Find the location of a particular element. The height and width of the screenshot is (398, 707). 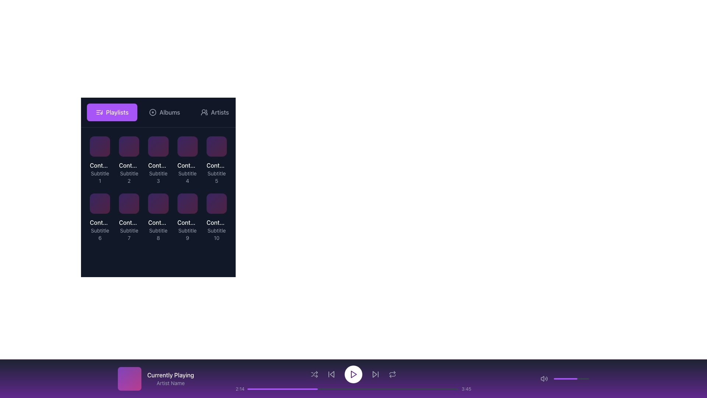

the skip backward button located in the control panel, which is the second element from the left and is positioned immediately to the right of the shuffle icon is located at coordinates (331, 374).